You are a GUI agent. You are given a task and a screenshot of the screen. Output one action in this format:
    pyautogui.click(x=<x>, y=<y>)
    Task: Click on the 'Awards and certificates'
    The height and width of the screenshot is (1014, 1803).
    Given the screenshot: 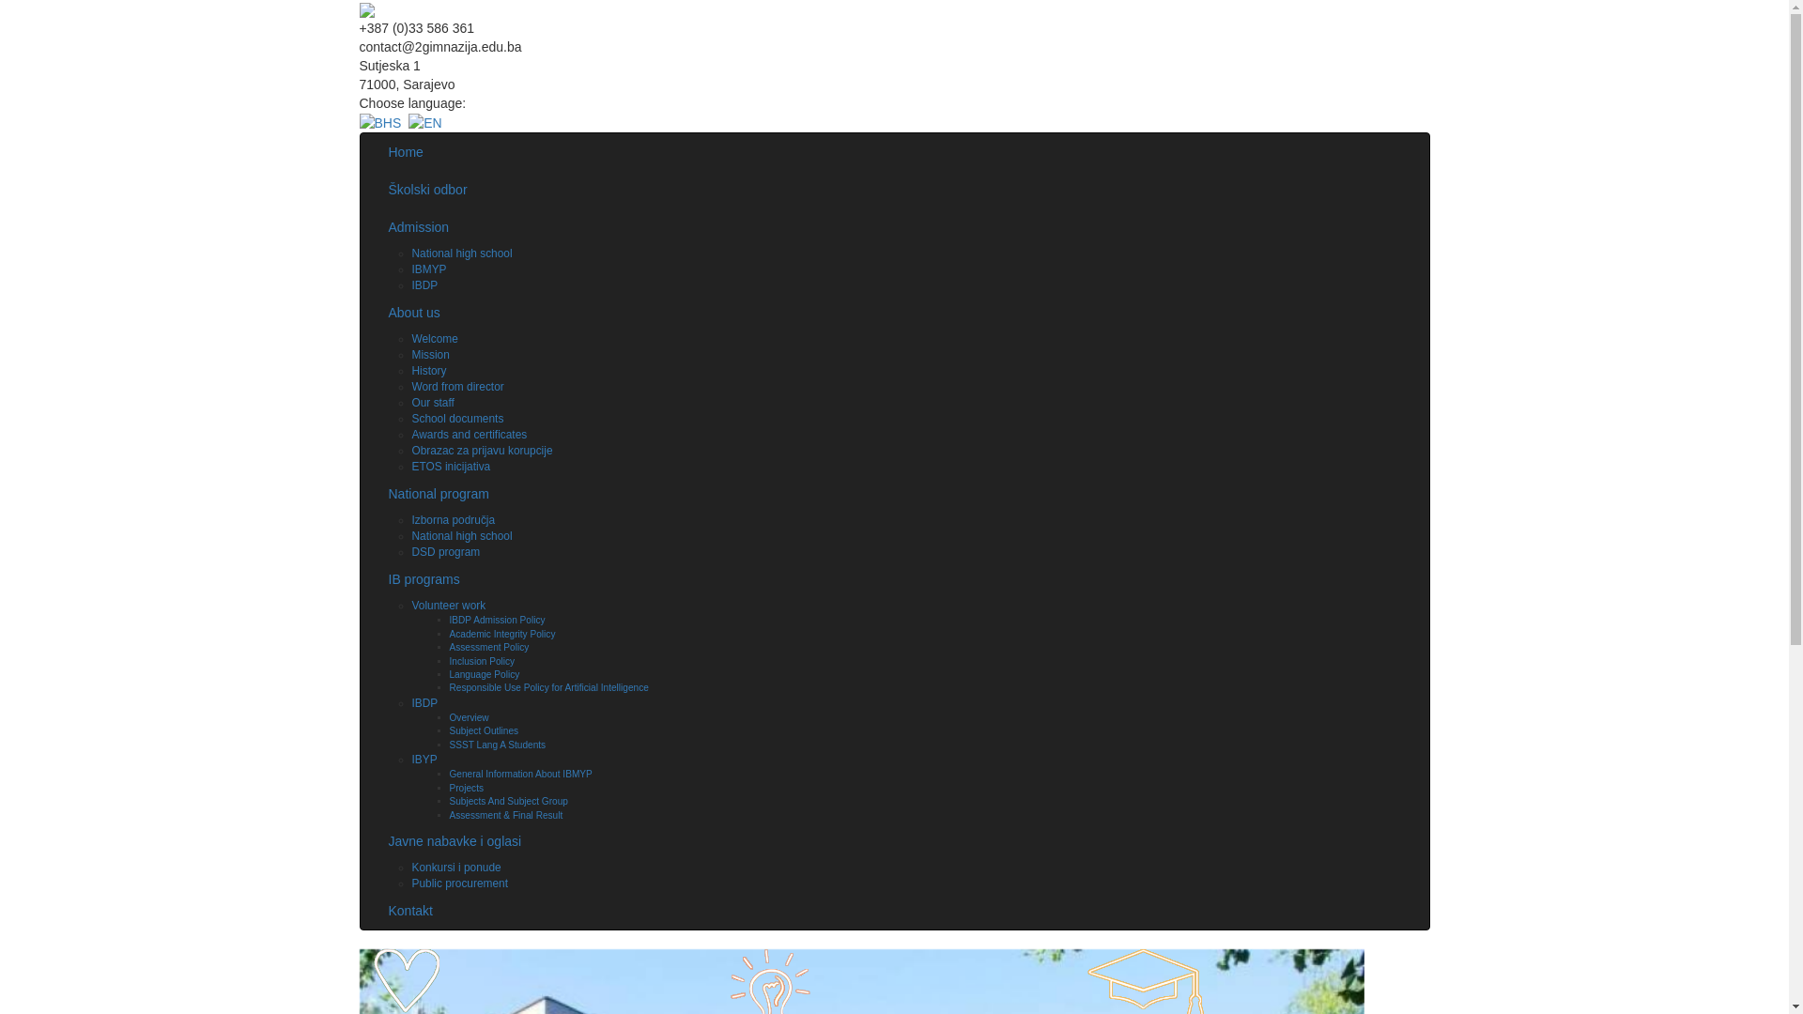 What is the action you would take?
    pyautogui.click(x=469, y=434)
    